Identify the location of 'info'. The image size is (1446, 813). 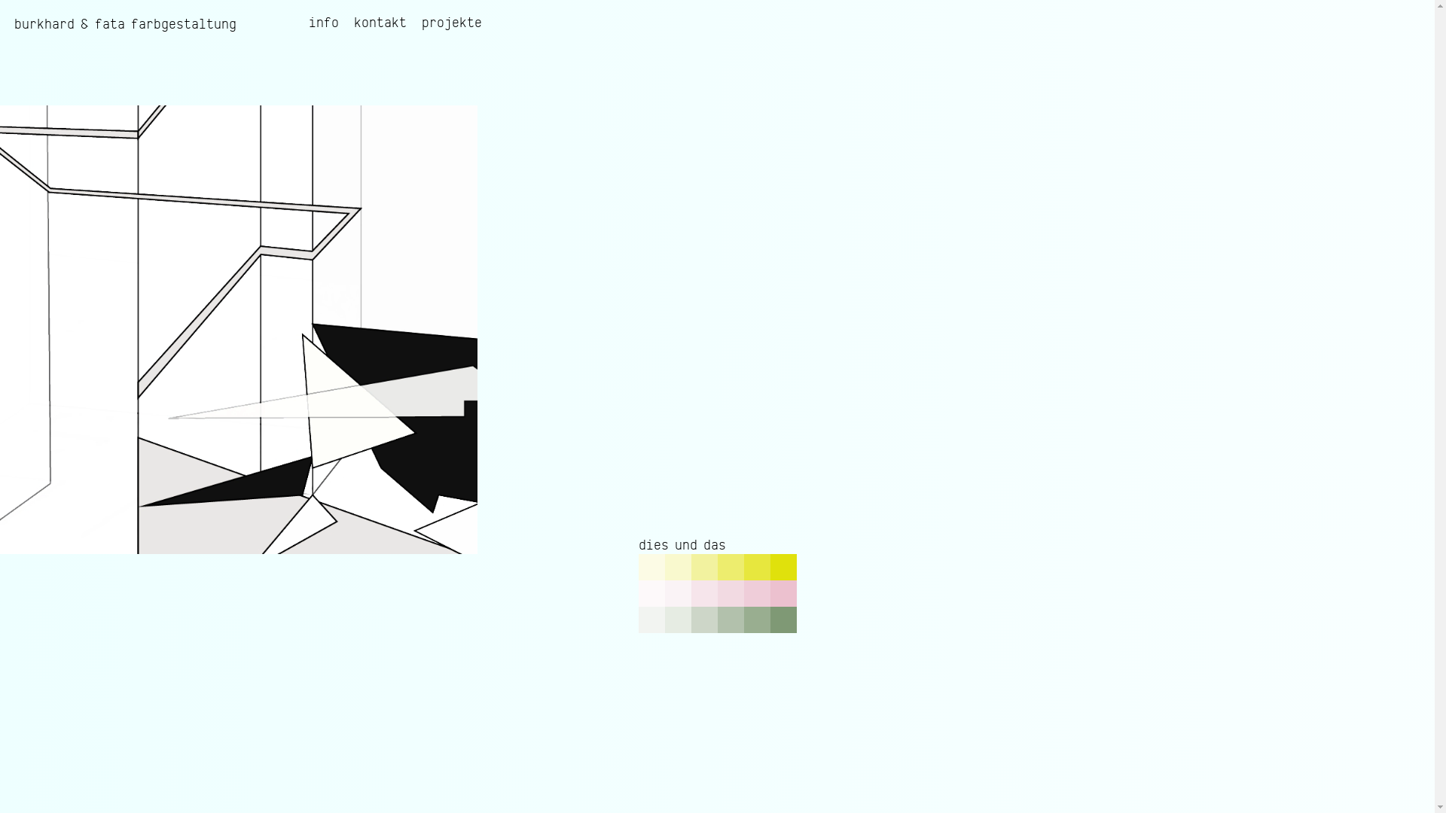
(323, 23).